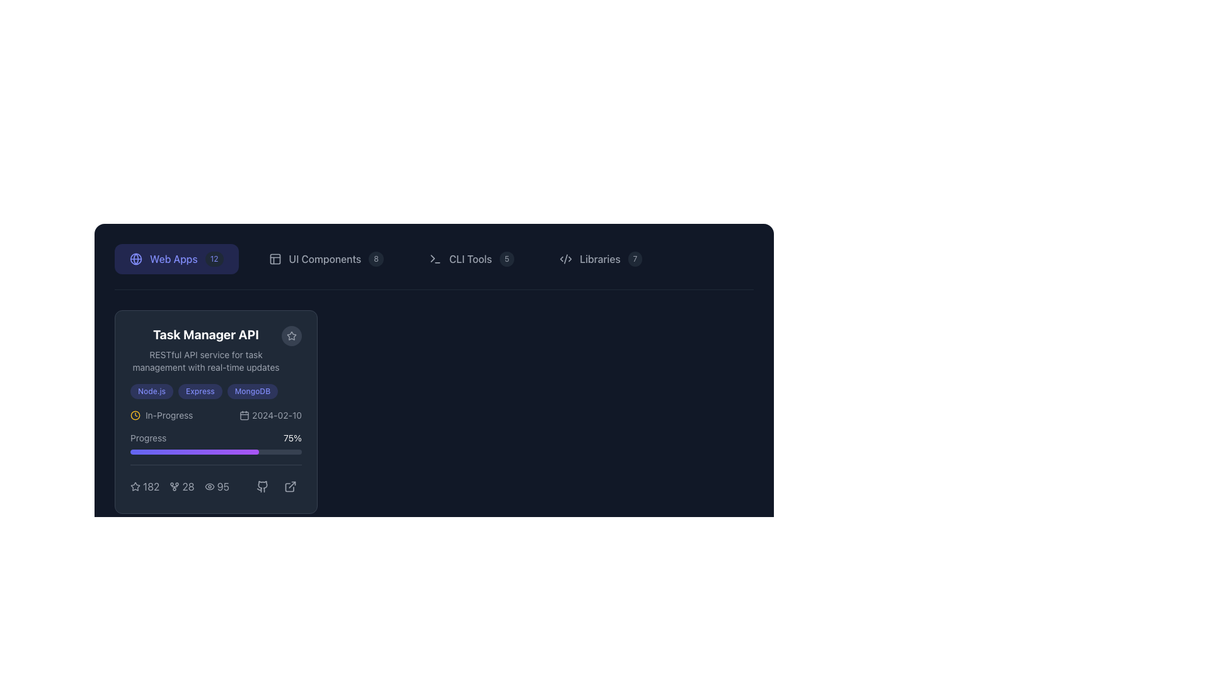  I want to click on the Text badge indicating the count or quantity associated with the 'CLI Tools' section, located in the middle-right area of the navigation bar, so click(507, 259).